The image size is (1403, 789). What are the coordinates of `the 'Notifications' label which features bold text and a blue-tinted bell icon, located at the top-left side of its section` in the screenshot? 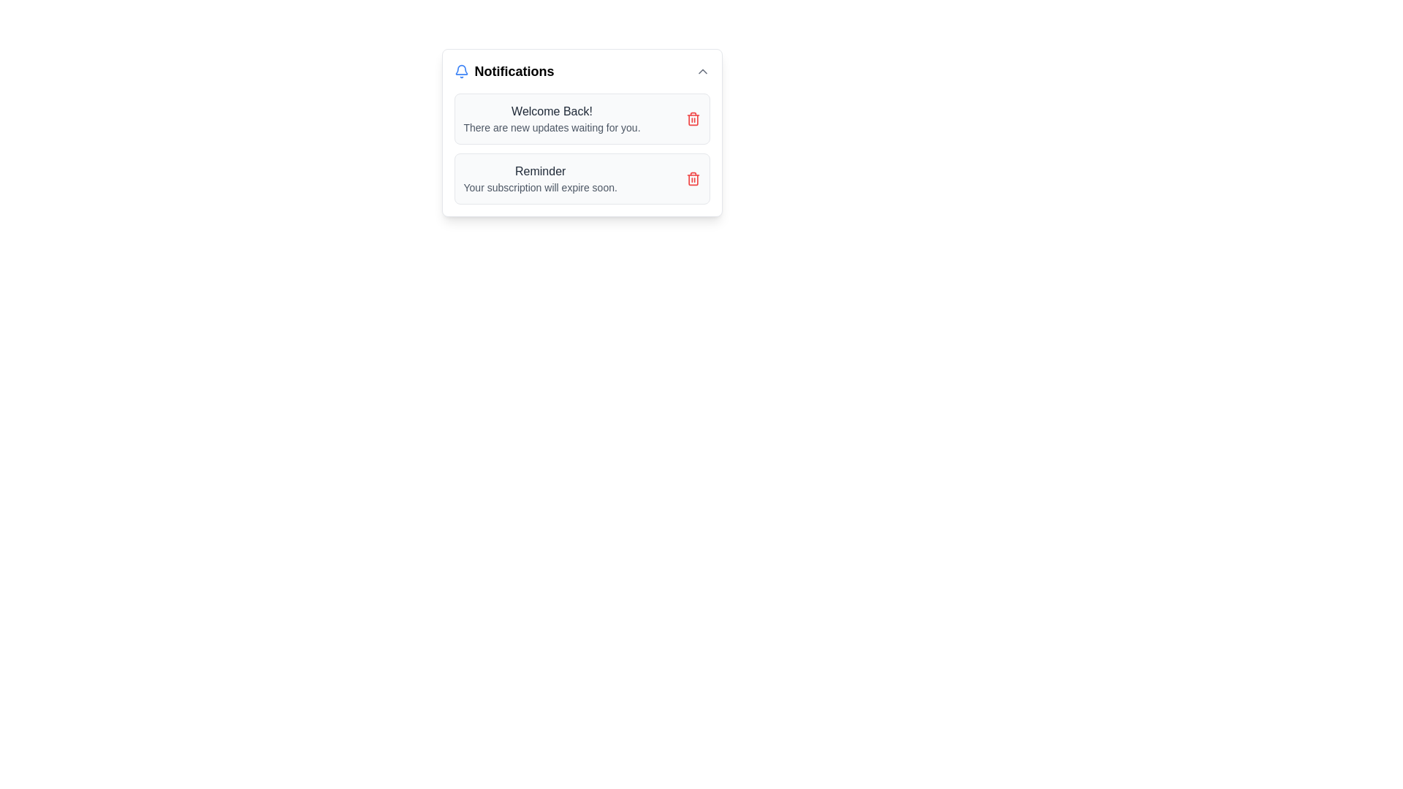 It's located at (504, 71).